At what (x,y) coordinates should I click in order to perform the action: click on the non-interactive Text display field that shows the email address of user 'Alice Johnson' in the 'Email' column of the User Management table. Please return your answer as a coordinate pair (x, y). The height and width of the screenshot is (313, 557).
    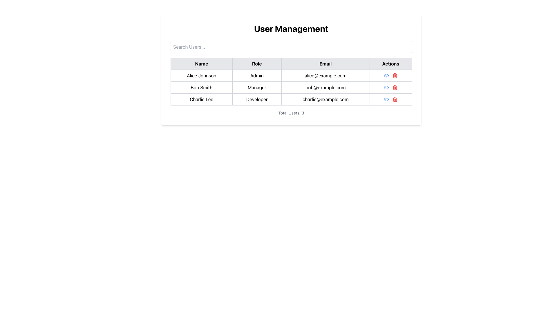
    Looking at the image, I should click on (325, 75).